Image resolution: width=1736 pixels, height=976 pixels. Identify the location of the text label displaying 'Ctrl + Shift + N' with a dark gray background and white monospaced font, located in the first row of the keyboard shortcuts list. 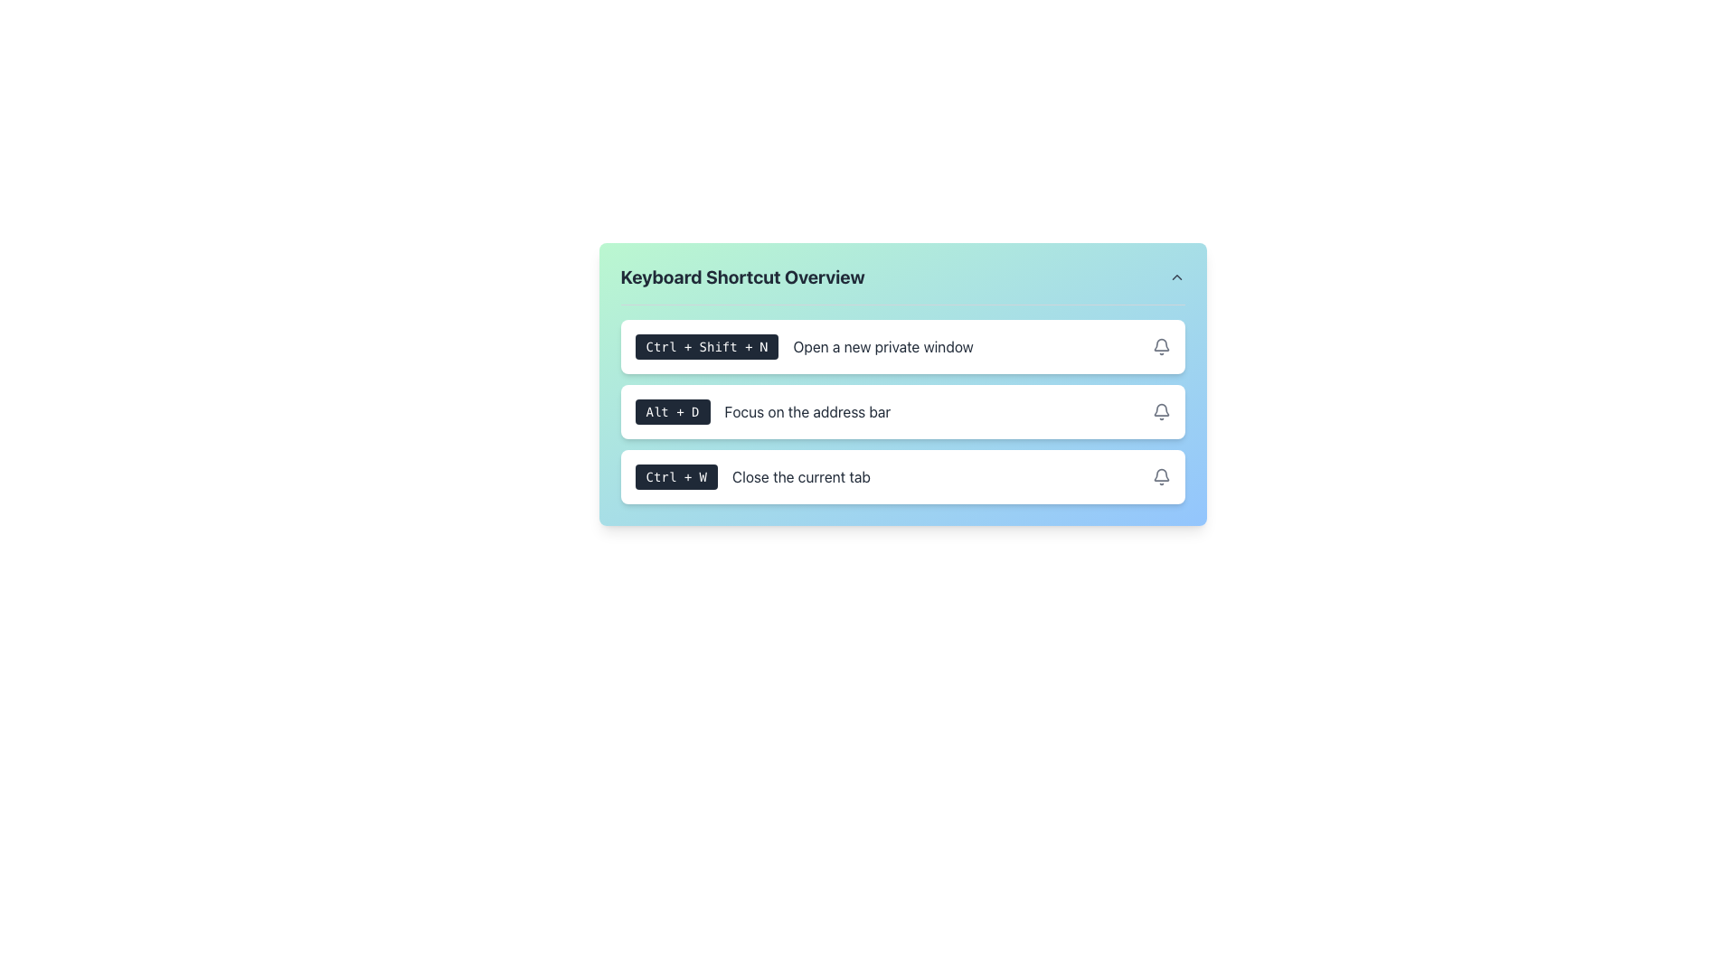
(706, 347).